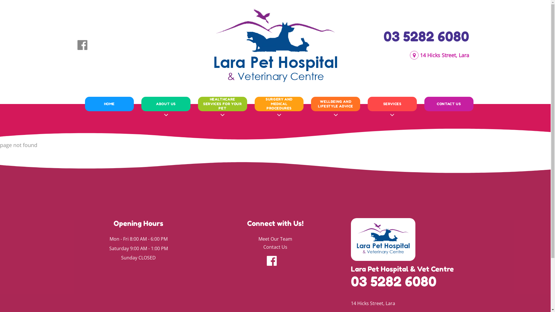 This screenshot has width=555, height=312. Describe the element at coordinates (88, 103) in the screenshot. I see `'HOME'` at that location.